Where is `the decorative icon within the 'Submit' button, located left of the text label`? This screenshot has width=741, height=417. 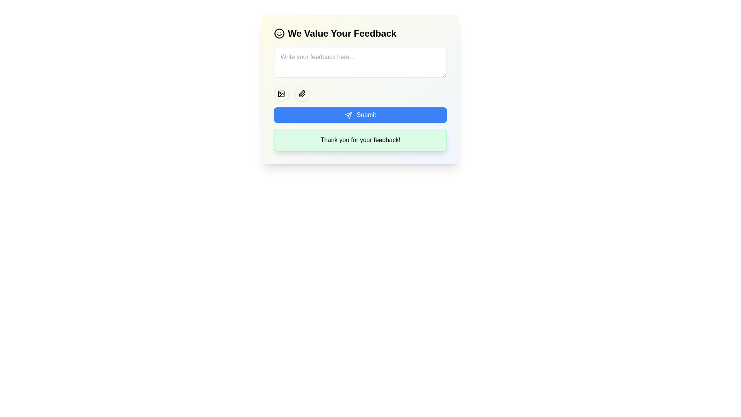
the decorative icon within the 'Submit' button, located left of the text label is located at coordinates (348, 115).